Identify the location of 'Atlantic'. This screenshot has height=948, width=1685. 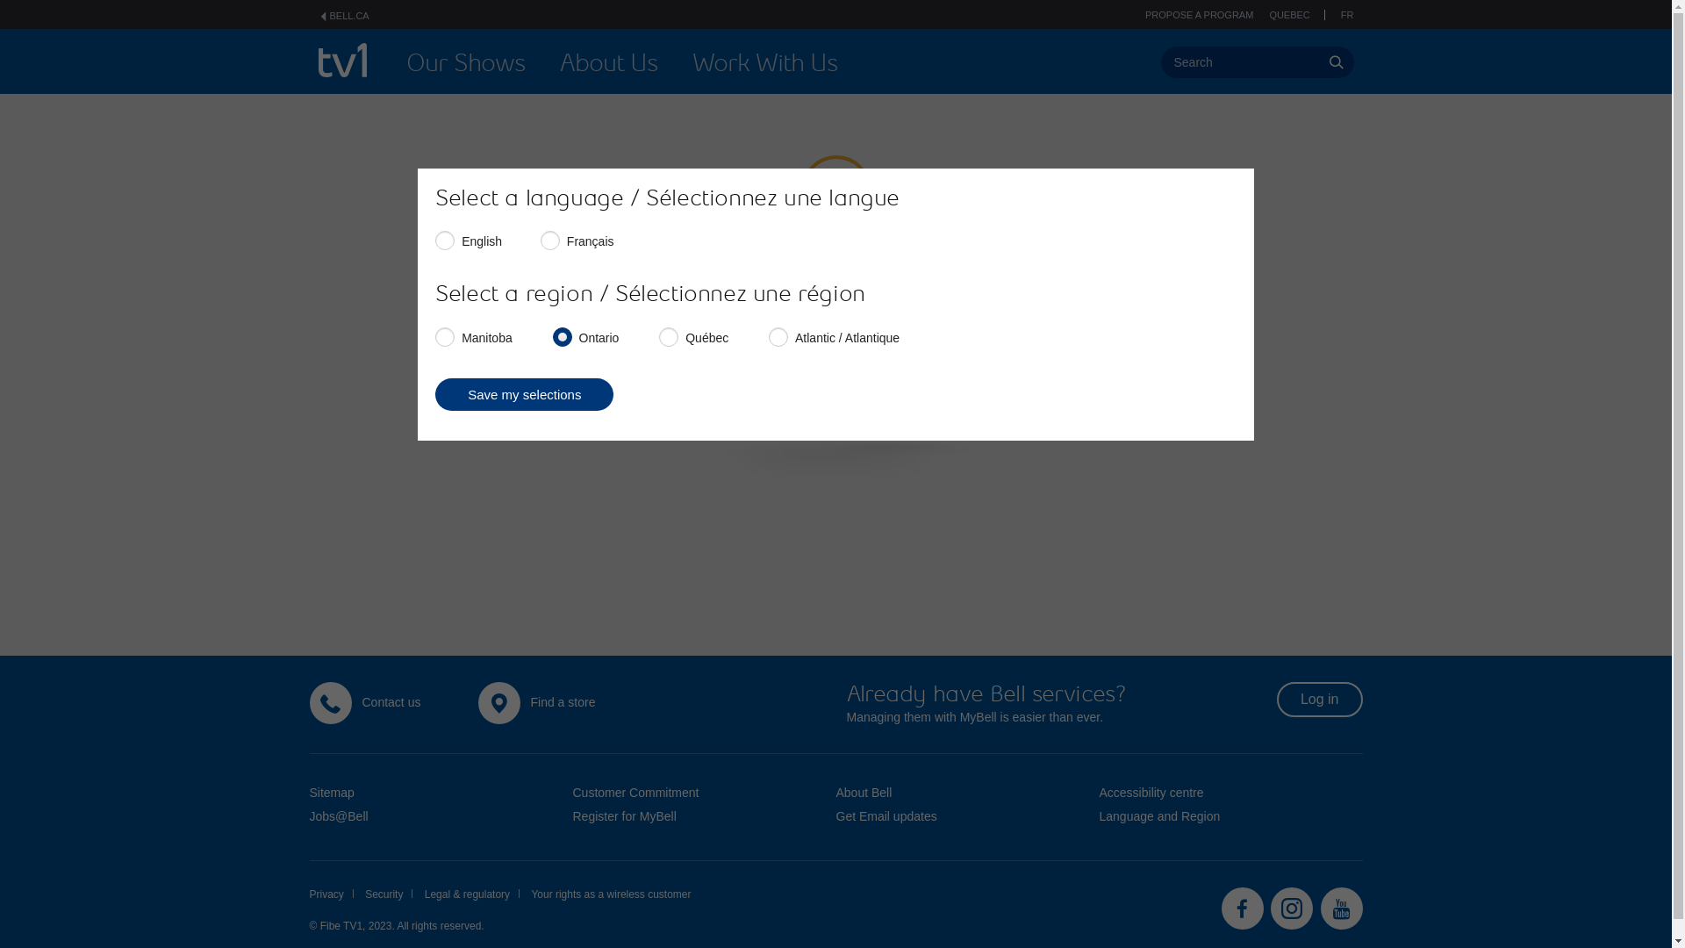
(768, 333).